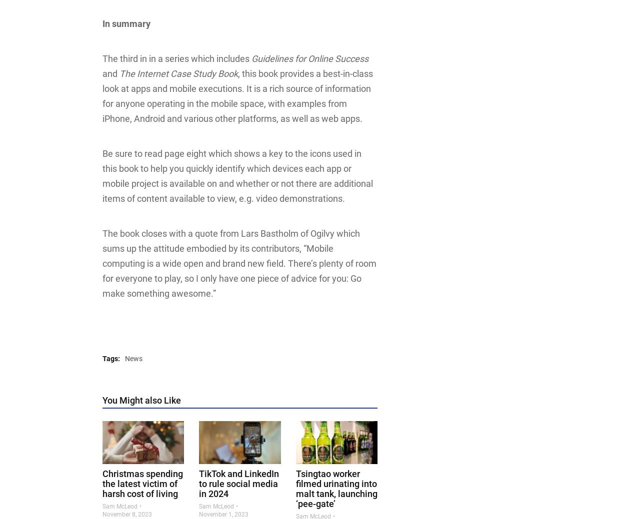  Describe the element at coordinates (336, 488) in the screenshot. I see `'Tsingtao worker filmed urinating into malt tank, launching ‘pee-gate’'` at that location.